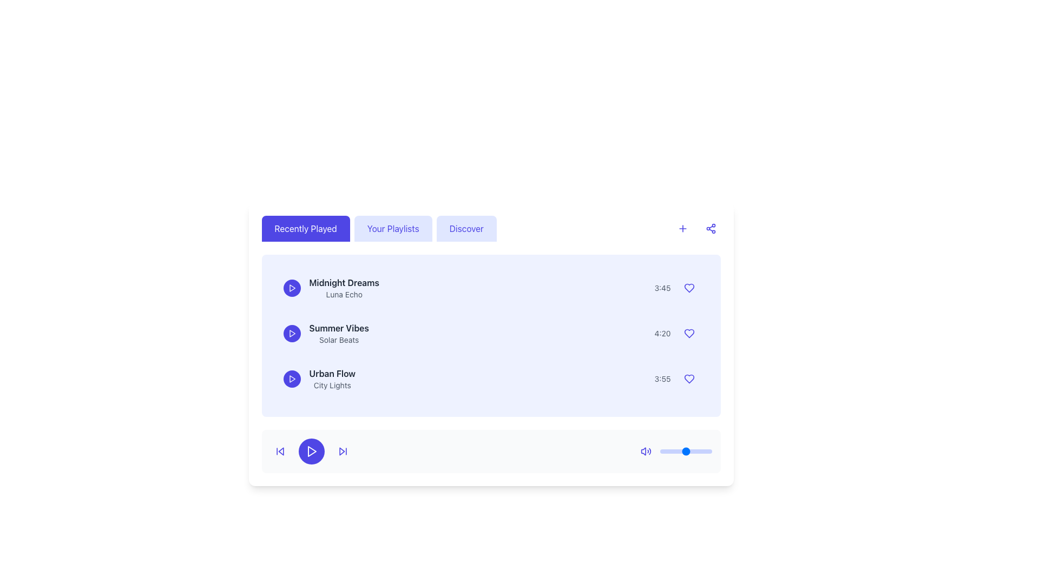 The height and width of the screenshot is (584, 1039). I want to click on the 'favorite' icon located beside the duration of the song 'Urban Flow' in the third row of the playlist interface, so click(688, 379).